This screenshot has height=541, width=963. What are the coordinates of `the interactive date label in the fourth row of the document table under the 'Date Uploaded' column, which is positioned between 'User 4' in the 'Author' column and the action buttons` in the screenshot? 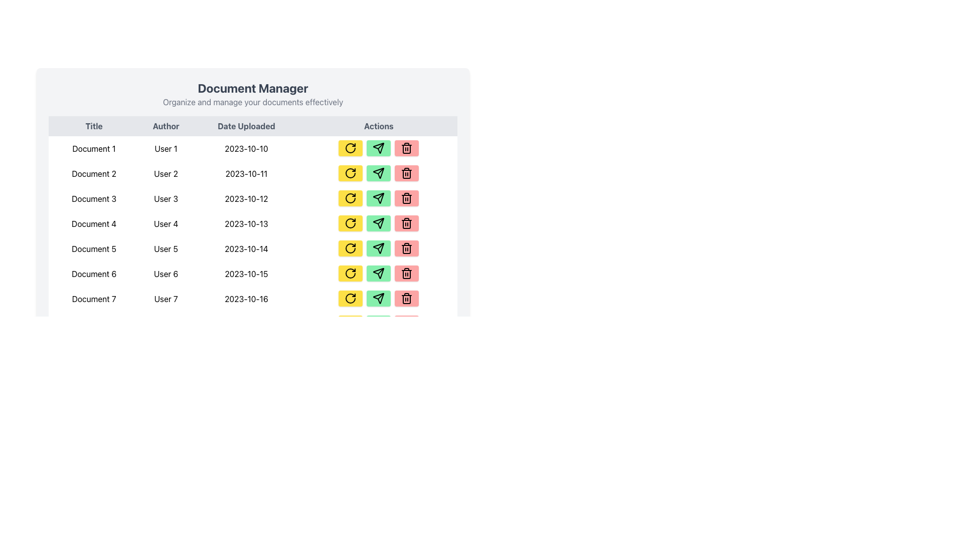 It's located at (246, 223).